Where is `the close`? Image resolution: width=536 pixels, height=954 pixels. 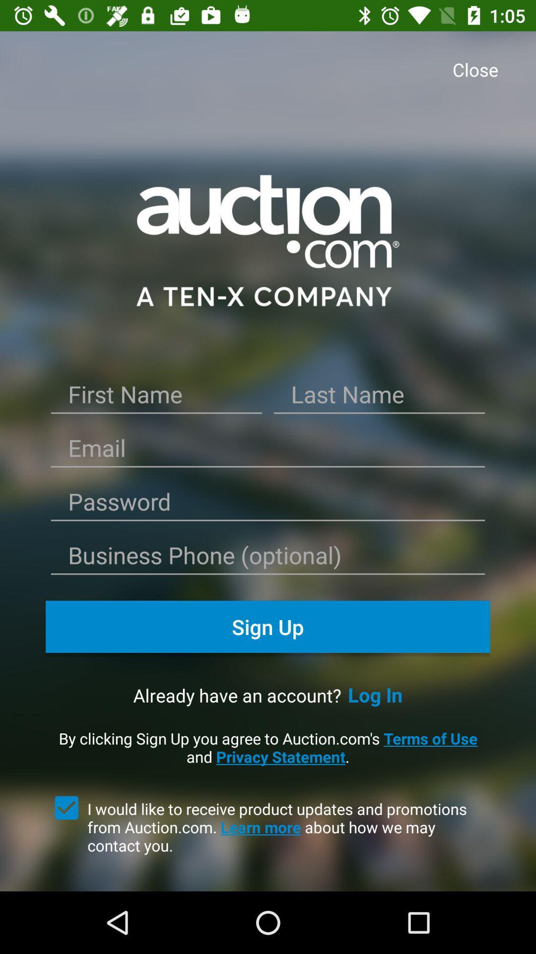 the close is located at coordinates (478, 70).